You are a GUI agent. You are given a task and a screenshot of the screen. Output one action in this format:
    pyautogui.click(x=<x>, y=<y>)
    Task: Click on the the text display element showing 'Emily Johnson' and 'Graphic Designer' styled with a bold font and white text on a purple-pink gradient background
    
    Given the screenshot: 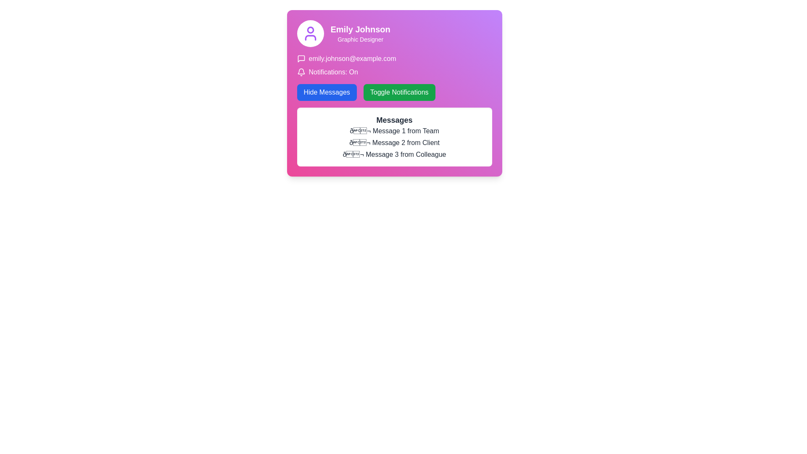 What is the action you would take?
    pyautogui.click(x=360, y=33)
    